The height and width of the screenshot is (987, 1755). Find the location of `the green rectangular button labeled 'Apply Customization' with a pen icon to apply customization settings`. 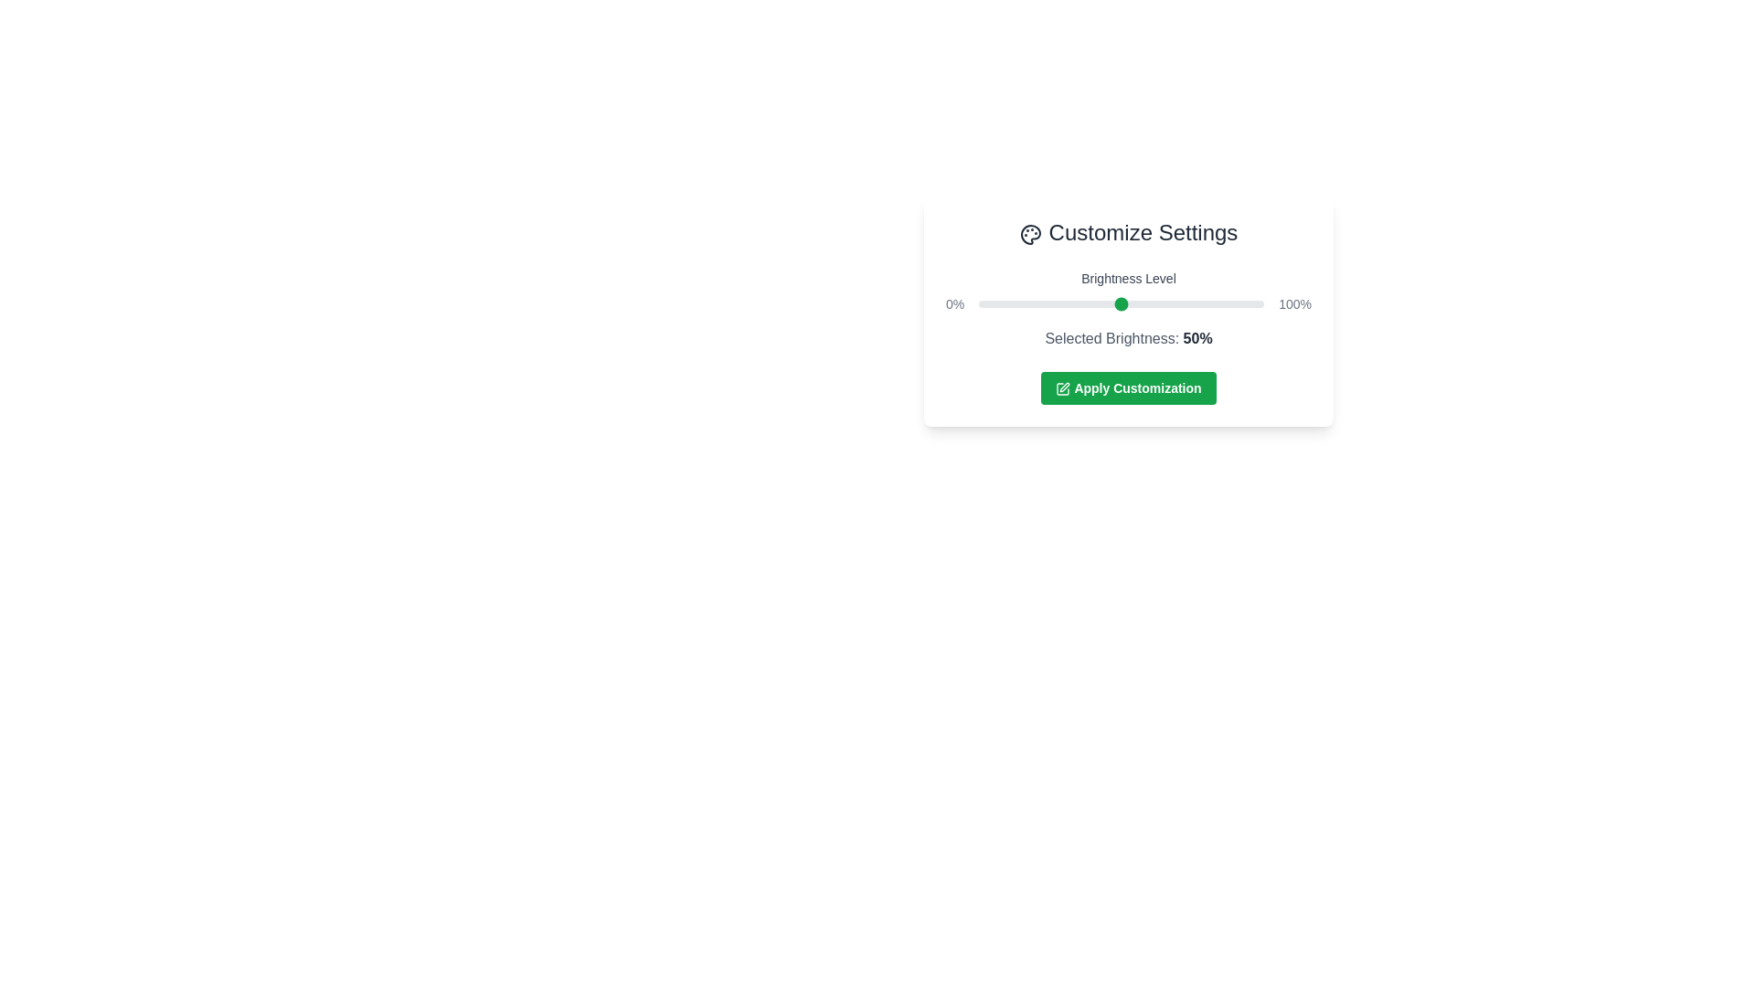

the green rectangular button labeled 'Apply Customization' with a pen icon to apply customization settings is located at coordinates (1127, 387).